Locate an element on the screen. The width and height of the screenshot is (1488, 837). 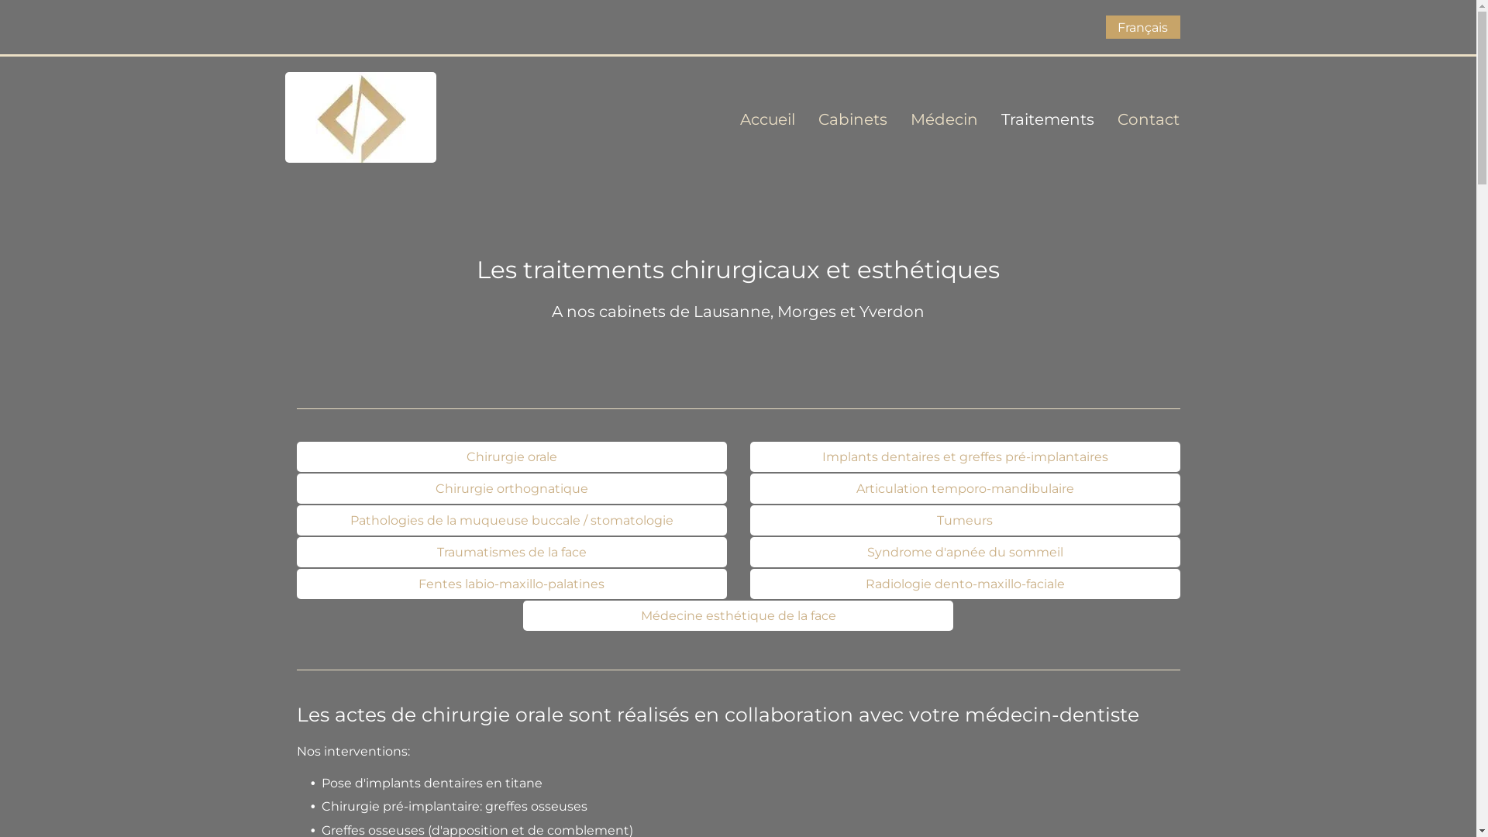
'Fentes labio-maxillo-palatines' is located at coordinates (511, 584).